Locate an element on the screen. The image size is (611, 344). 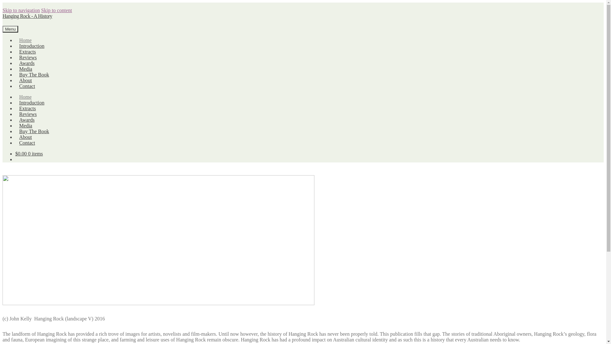
'Hanging Rock - A History' is located at coordinates (27, 16).